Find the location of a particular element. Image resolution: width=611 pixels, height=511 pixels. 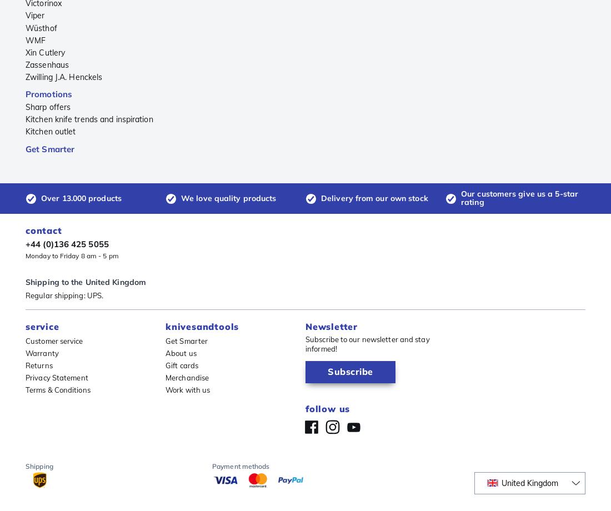

'Our customers give us a 5-star rating' is located at coordinates (519, 197).